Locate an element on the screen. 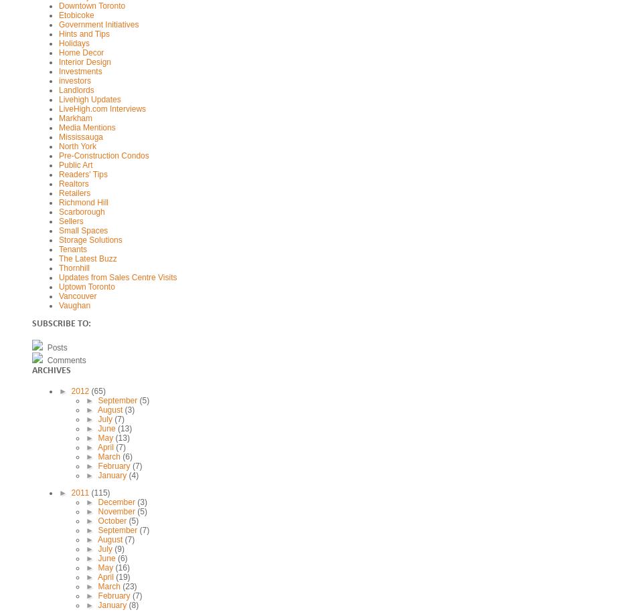 This screenshot has height=612, width=628. 'Mississauga' is located at coordinates (80, 136).